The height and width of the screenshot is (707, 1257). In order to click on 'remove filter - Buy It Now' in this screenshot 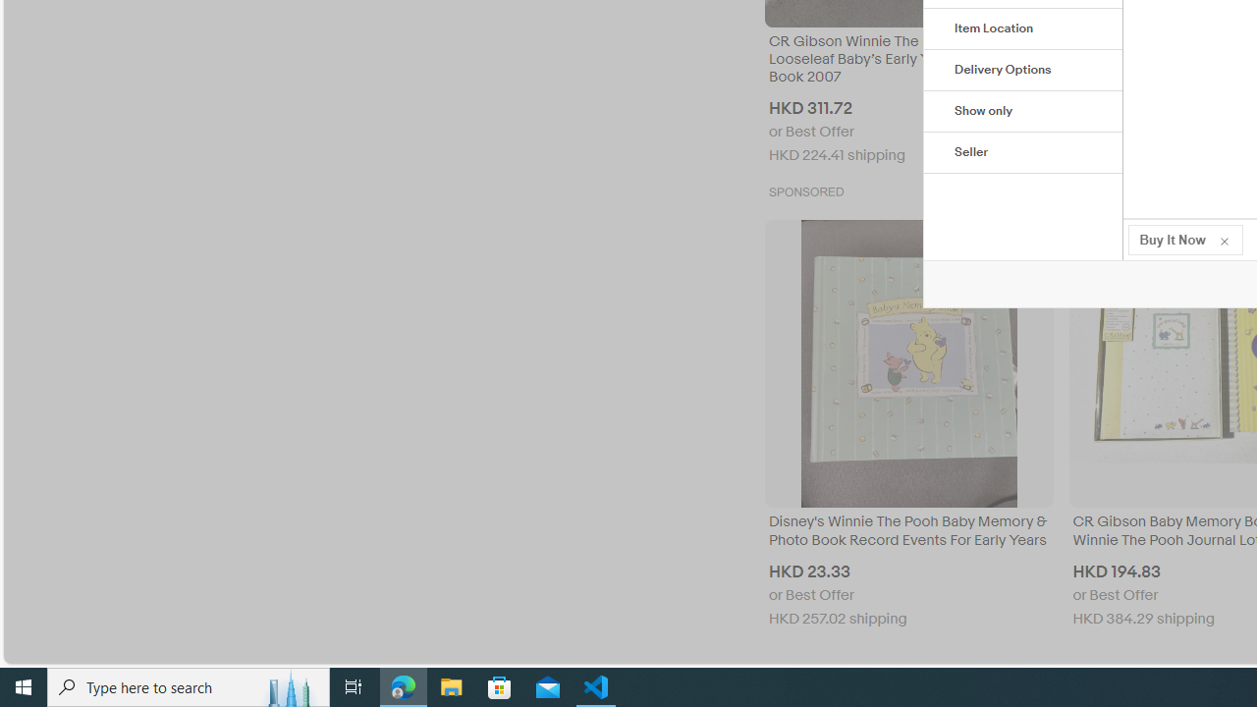, I will do `click(1223, 239)`.